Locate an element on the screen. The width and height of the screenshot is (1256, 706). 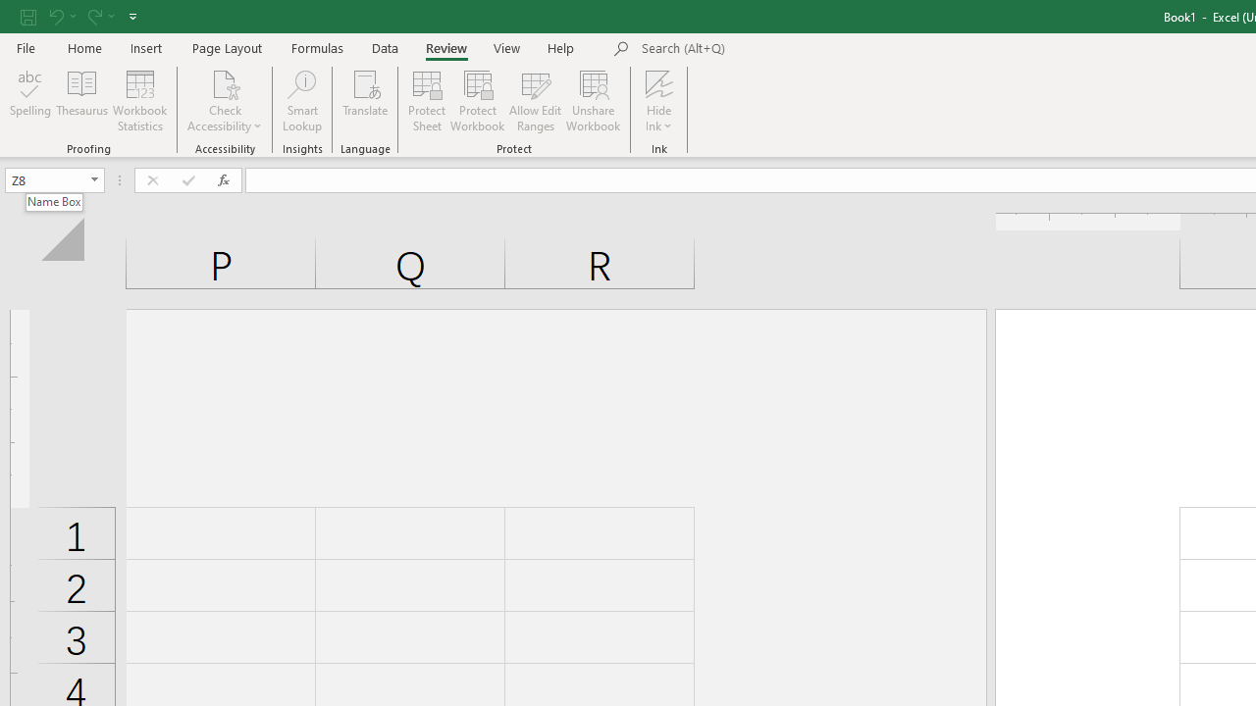
'Smart Lookup' is located at coordinates (301, 101).